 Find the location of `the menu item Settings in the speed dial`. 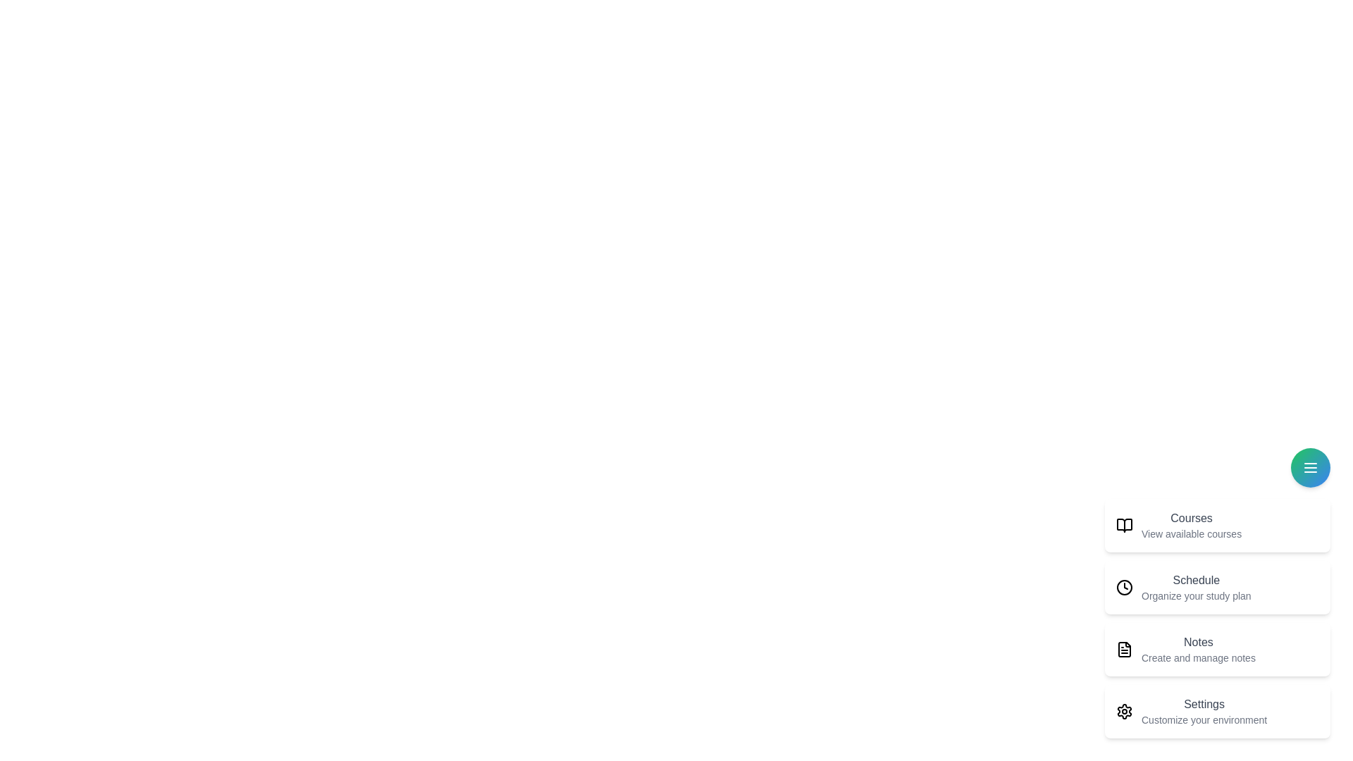

the menu item Settings in the speed dial is located at coordinates (1217, 712).